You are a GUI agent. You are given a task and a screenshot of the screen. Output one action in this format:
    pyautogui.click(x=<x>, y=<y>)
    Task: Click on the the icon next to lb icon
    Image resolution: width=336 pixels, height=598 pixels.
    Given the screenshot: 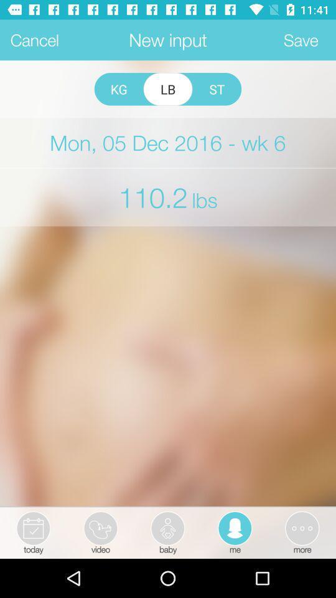 What is the action you would take?
    pyautogui.click(x=216, y=88)
    